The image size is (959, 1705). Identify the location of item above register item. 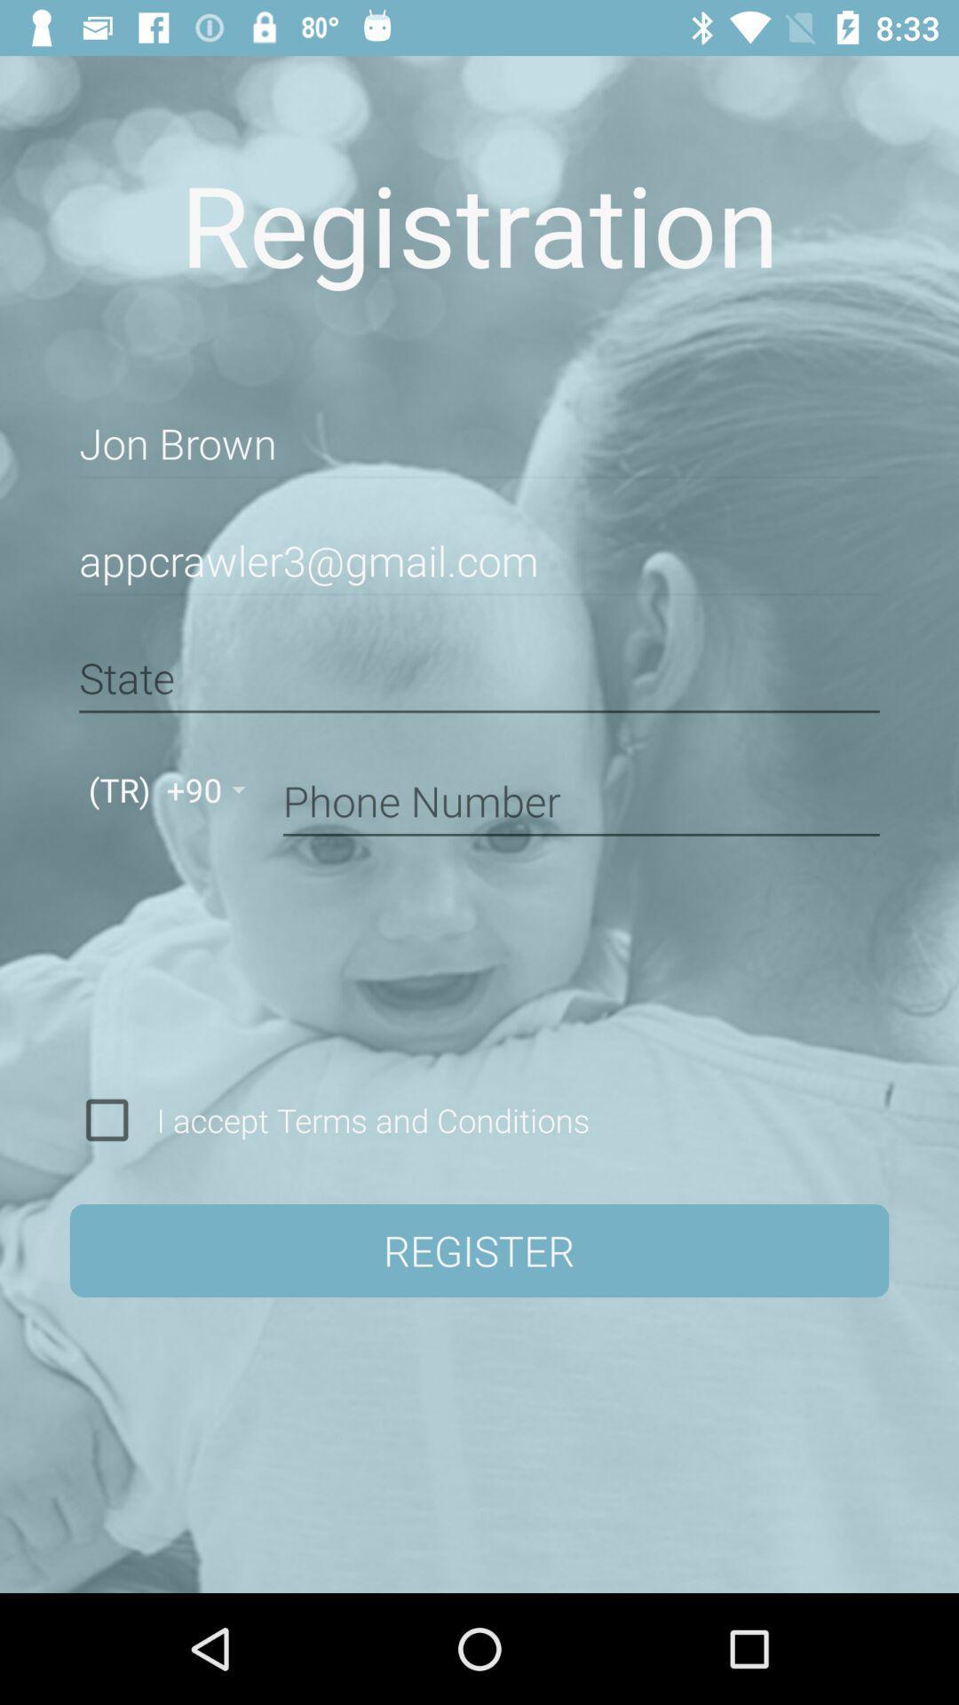
(366, 1119).